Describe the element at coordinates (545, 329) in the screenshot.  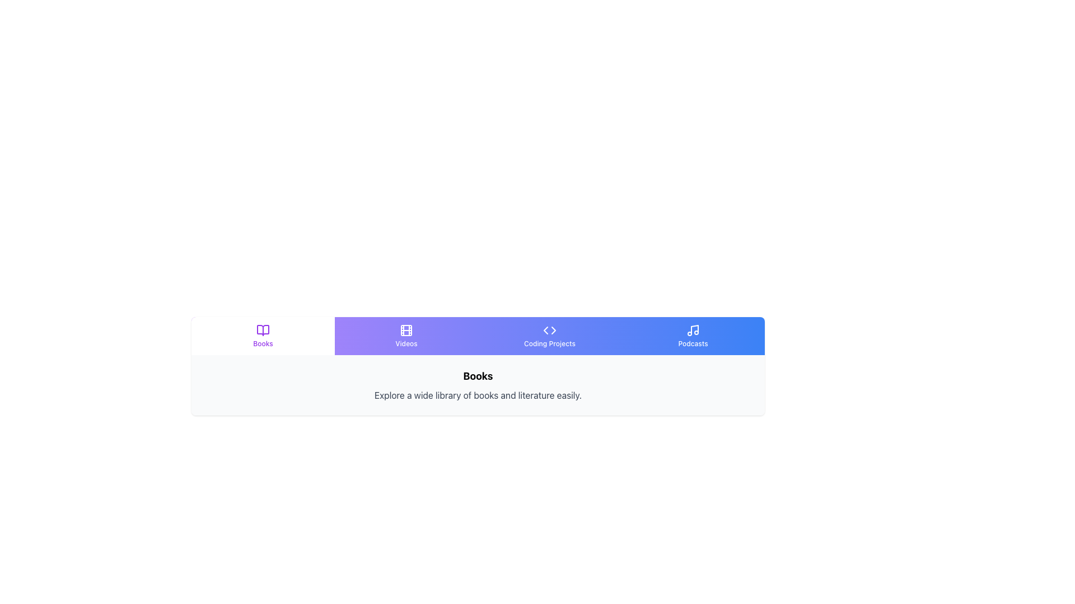
I see `the left triangular shape of the dual-arrow icon located in the central tab labeled 'Coding Projects'` at that location.